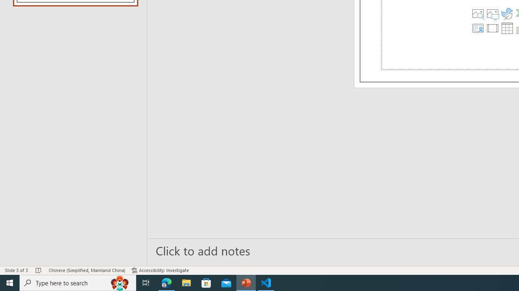 The height and width of the screenshot is (291, 519). What do you see at coordinates (506, 13) in the screenshot?
I see `'Insert an Icon'` at bounding box center [506, 13].